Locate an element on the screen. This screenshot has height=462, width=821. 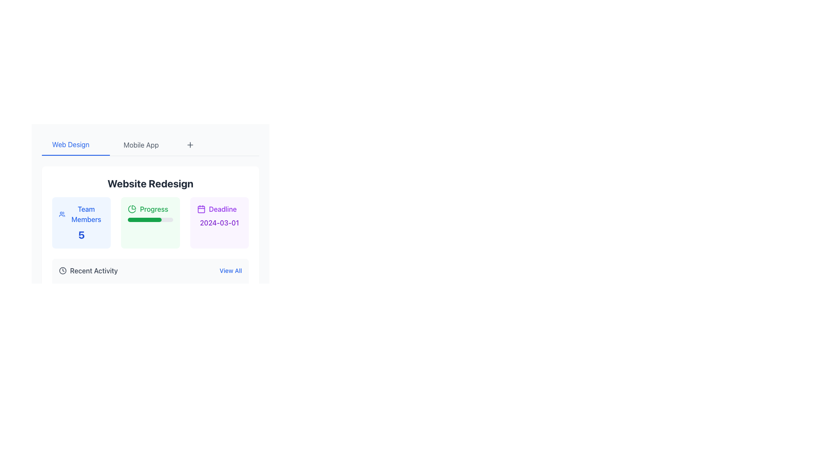
the green filled portion of the progress indicator, which visually represents 75% completion, located between the 'Team Members' box and the 'Deadline 2024-03-01' element is located at coordinates (145, 219).